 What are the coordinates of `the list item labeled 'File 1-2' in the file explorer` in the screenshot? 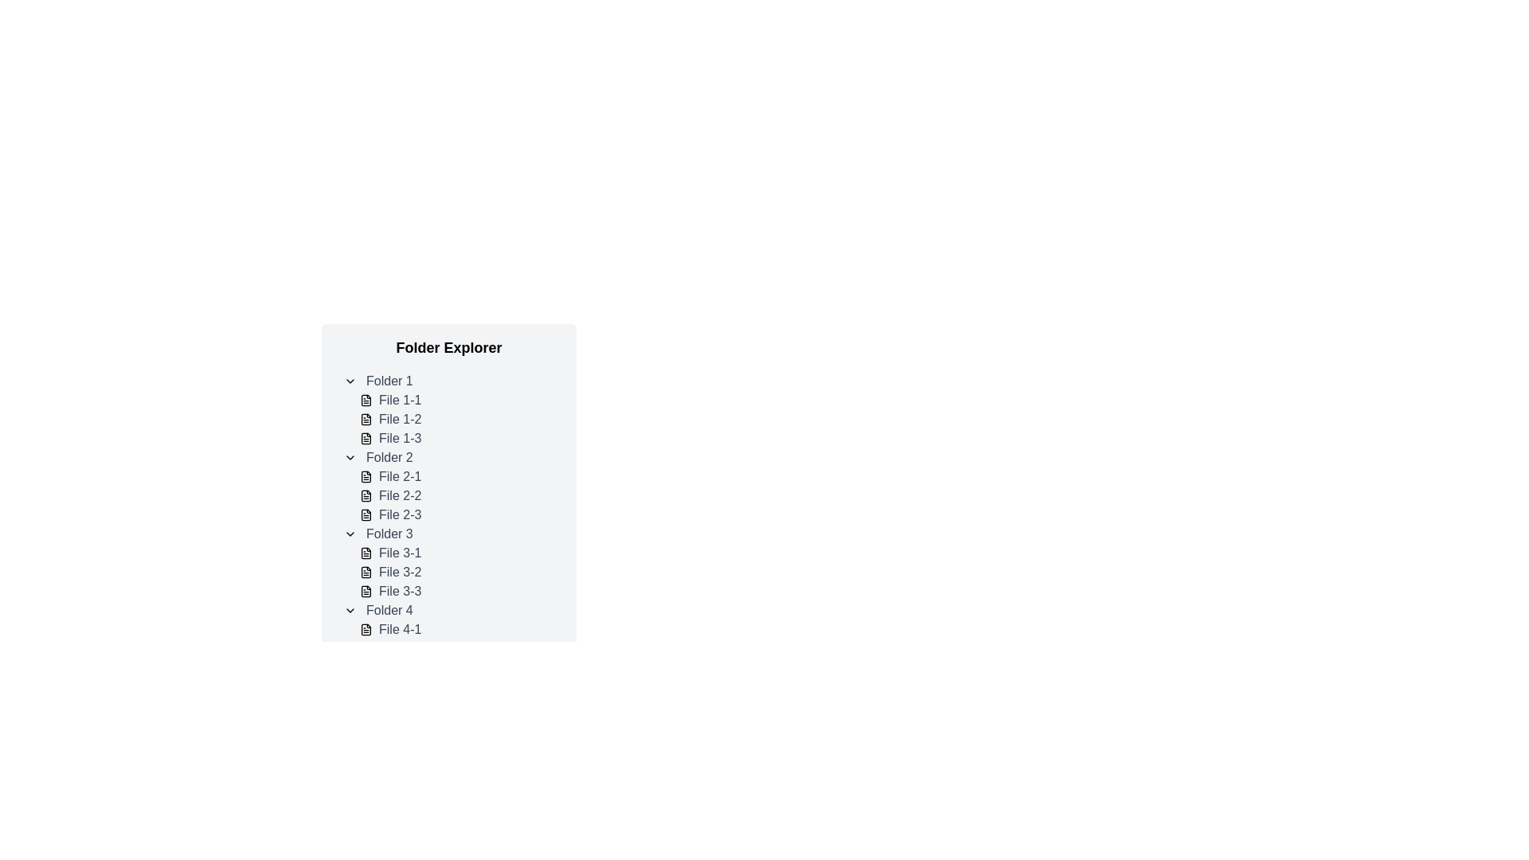 It's located at (461, 419).